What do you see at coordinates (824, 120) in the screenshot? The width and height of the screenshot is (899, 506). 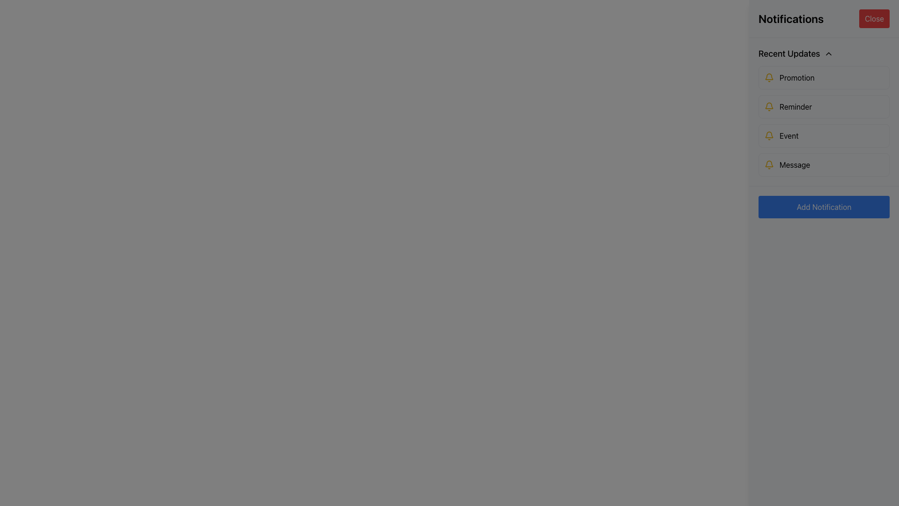 I see `the second item in the 'Recent Updates' section` at bounding box center [824, 120].